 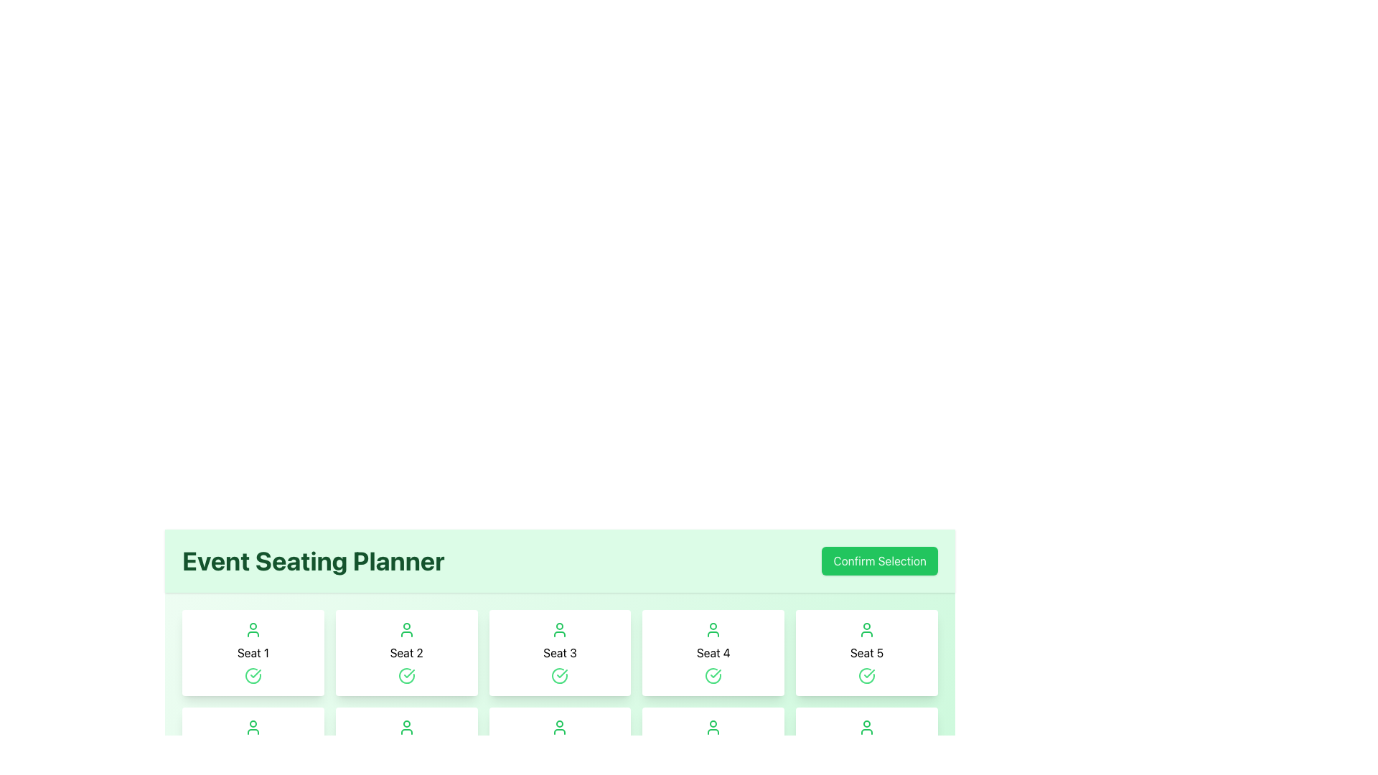 I want to click on the text label displaying 'Seat 2', which is centered within a white card component in the Event Seating Planner interface, so click(x=406, y=653).